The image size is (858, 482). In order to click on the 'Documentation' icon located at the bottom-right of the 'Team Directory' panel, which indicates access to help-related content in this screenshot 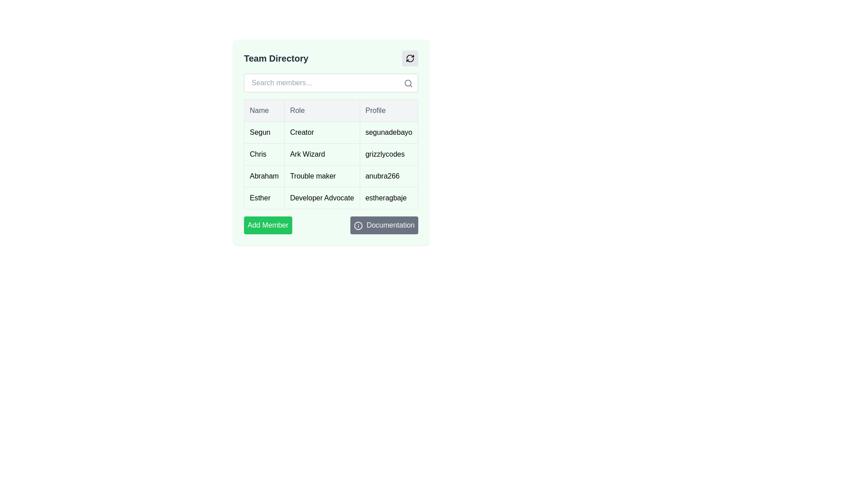, I will do `click(358, 225)`.